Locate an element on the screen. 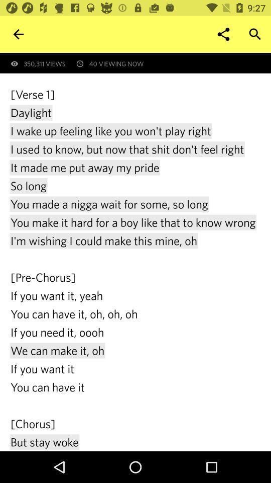 The height and width of the screenshot is (483, 271). verse 1 daylight is located at coordinates (135, 268).